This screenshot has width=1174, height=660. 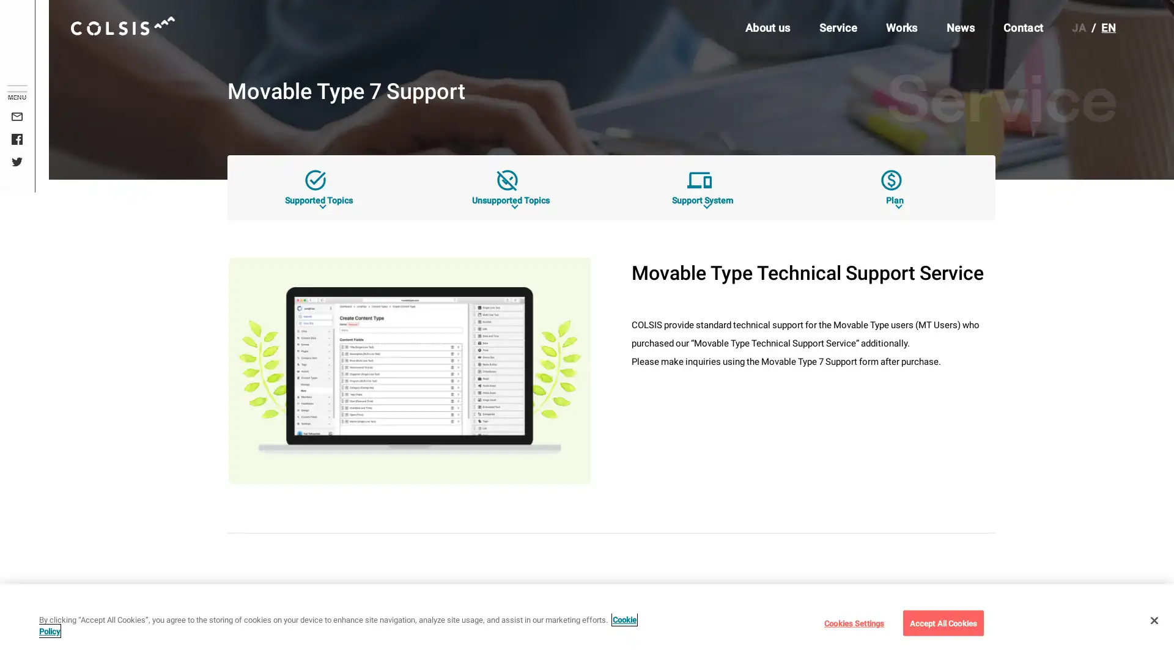 What do you see at coordinates (942, 622) in the screenshot?
I see `Accept All Cookies` at bounding box center [942, 622].